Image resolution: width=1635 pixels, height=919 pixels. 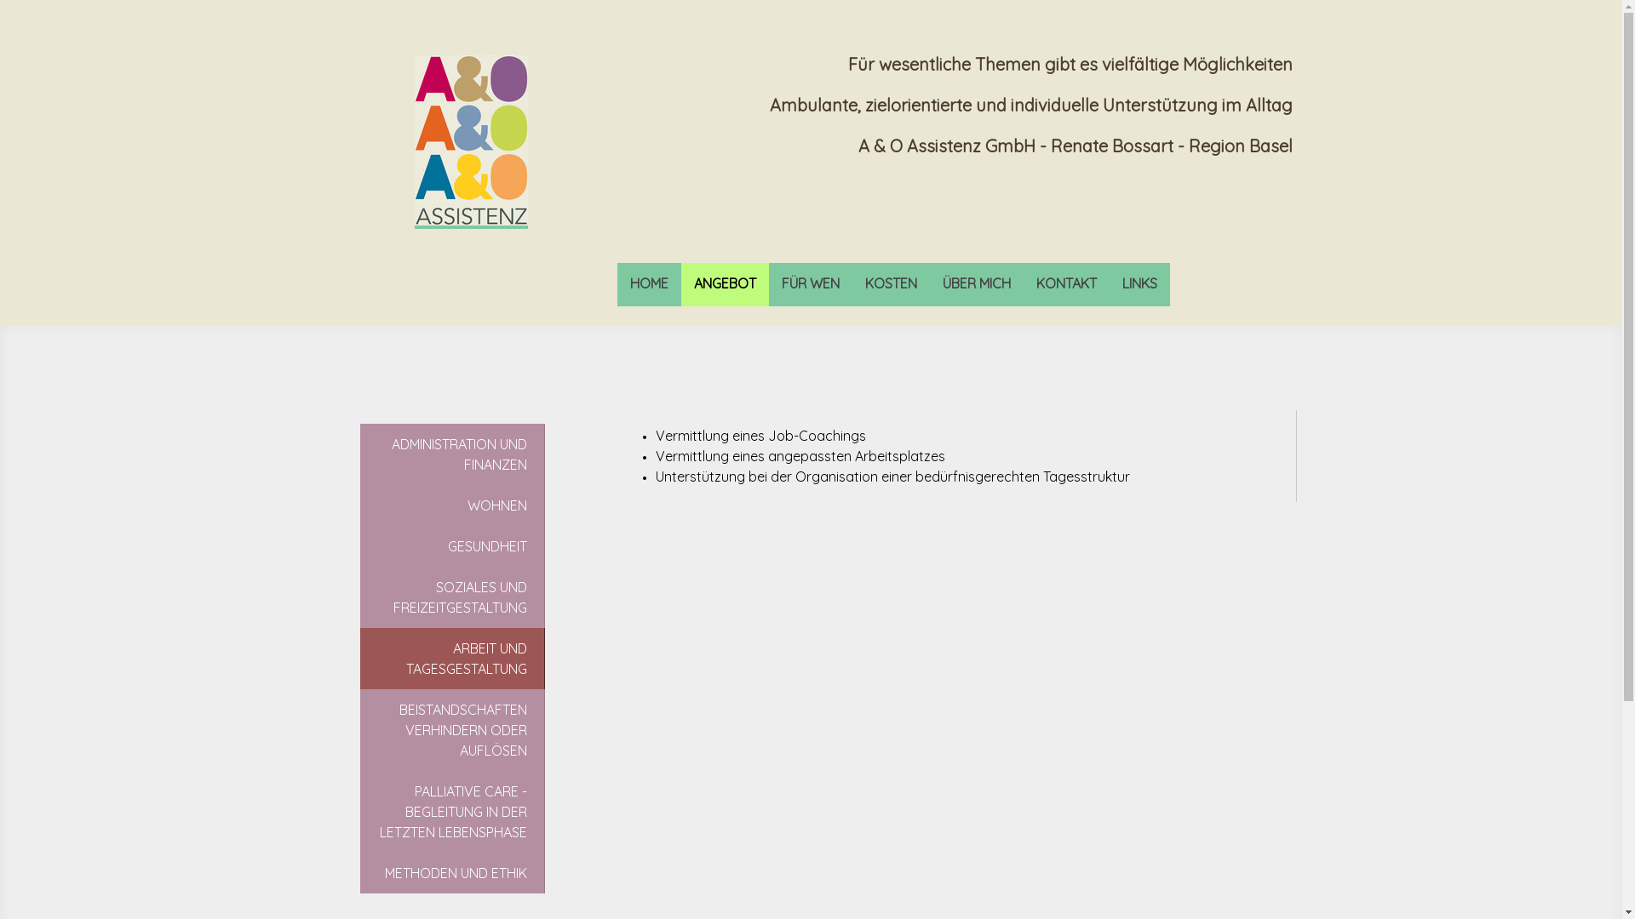 What do you see at coordinates (359, 658) in the screenshot?
I see `'ARBEIT UND TAGESGESTALTUNG'` at bounding box center [359, 658].